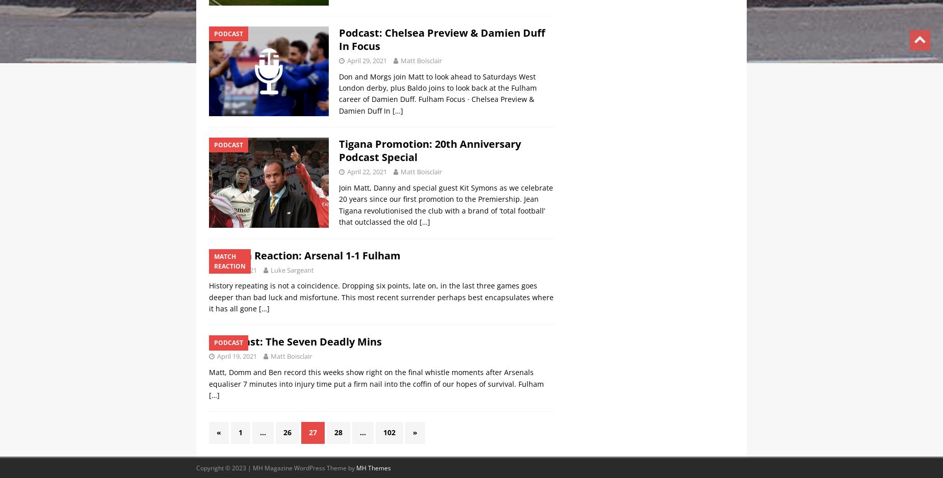 The width and height of the screenshot is (943, 478). I want to click on 'April 29, 2021', so click(347, 60).